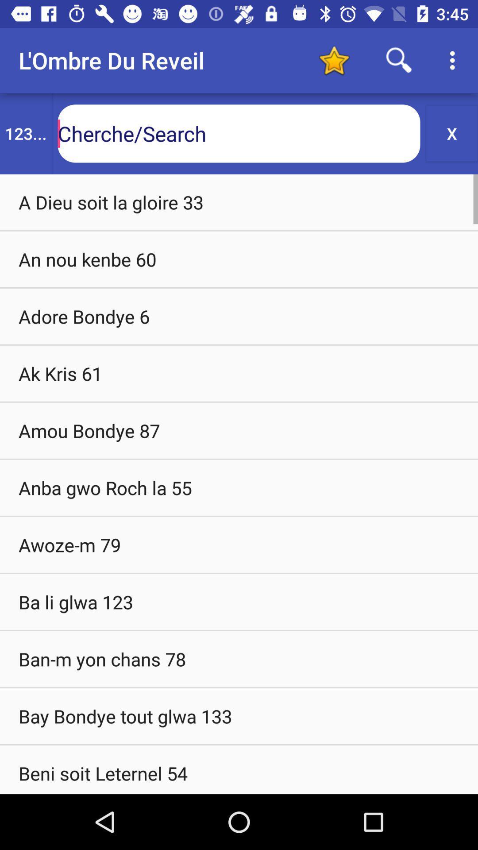 The image size is (478, 850). What do you see at coordinates (239, 259) in the screenshot?
I see `icon below a dieu soit` at bounding box center [239, 259].